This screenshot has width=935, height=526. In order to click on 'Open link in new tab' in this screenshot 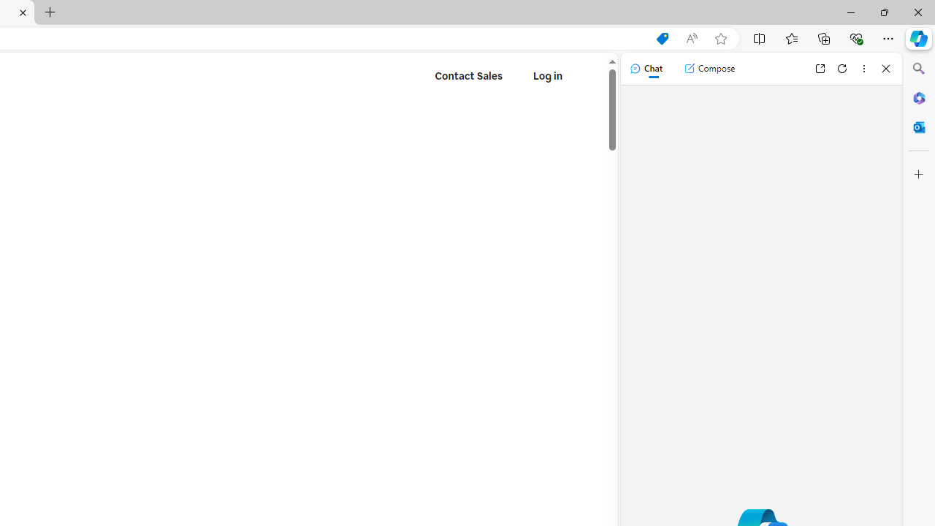, I will do `click(820, 68)`.